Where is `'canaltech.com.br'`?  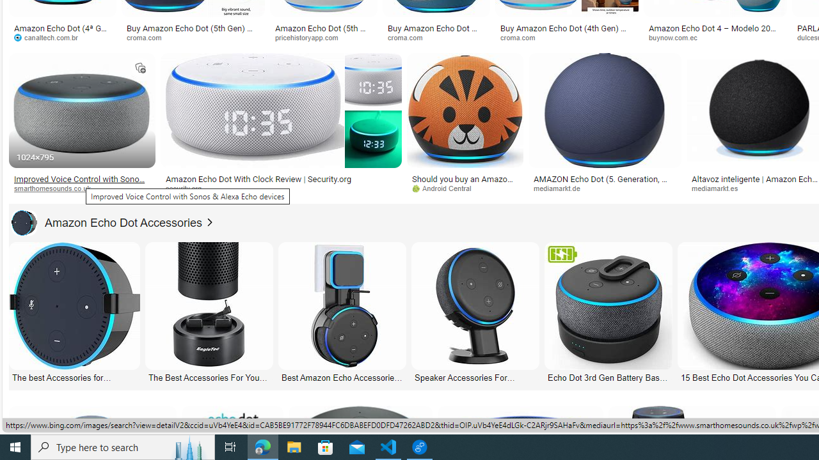
'canaltech.com.br' is located at coordinates (61, 37).